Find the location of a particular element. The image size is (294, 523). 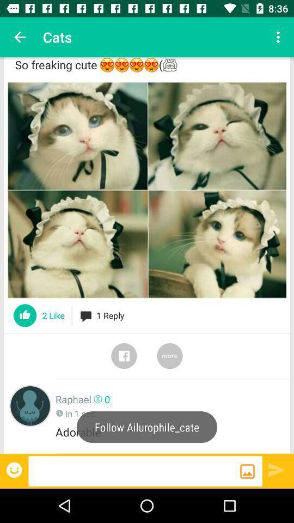

see profile picture is located at coordinates (30, 405).